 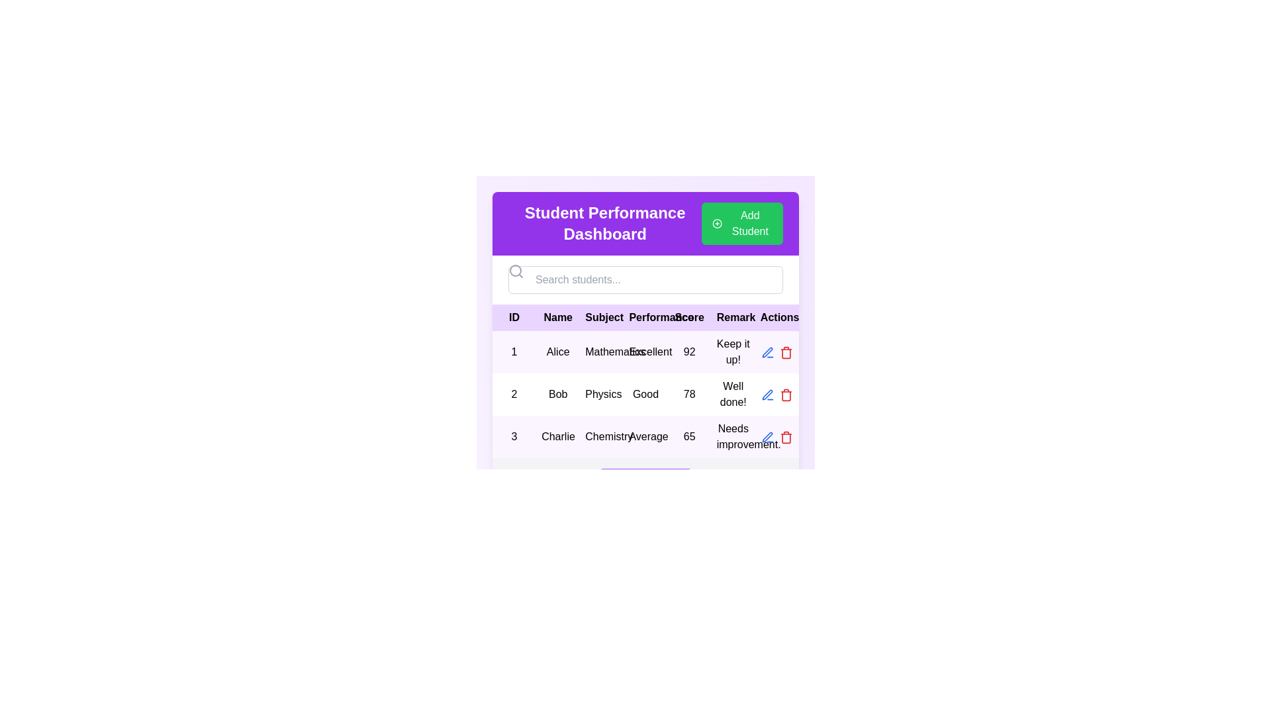 I want to click on the search icon located at the left side of the text input field with a gray border, so click(x=515, y=270).